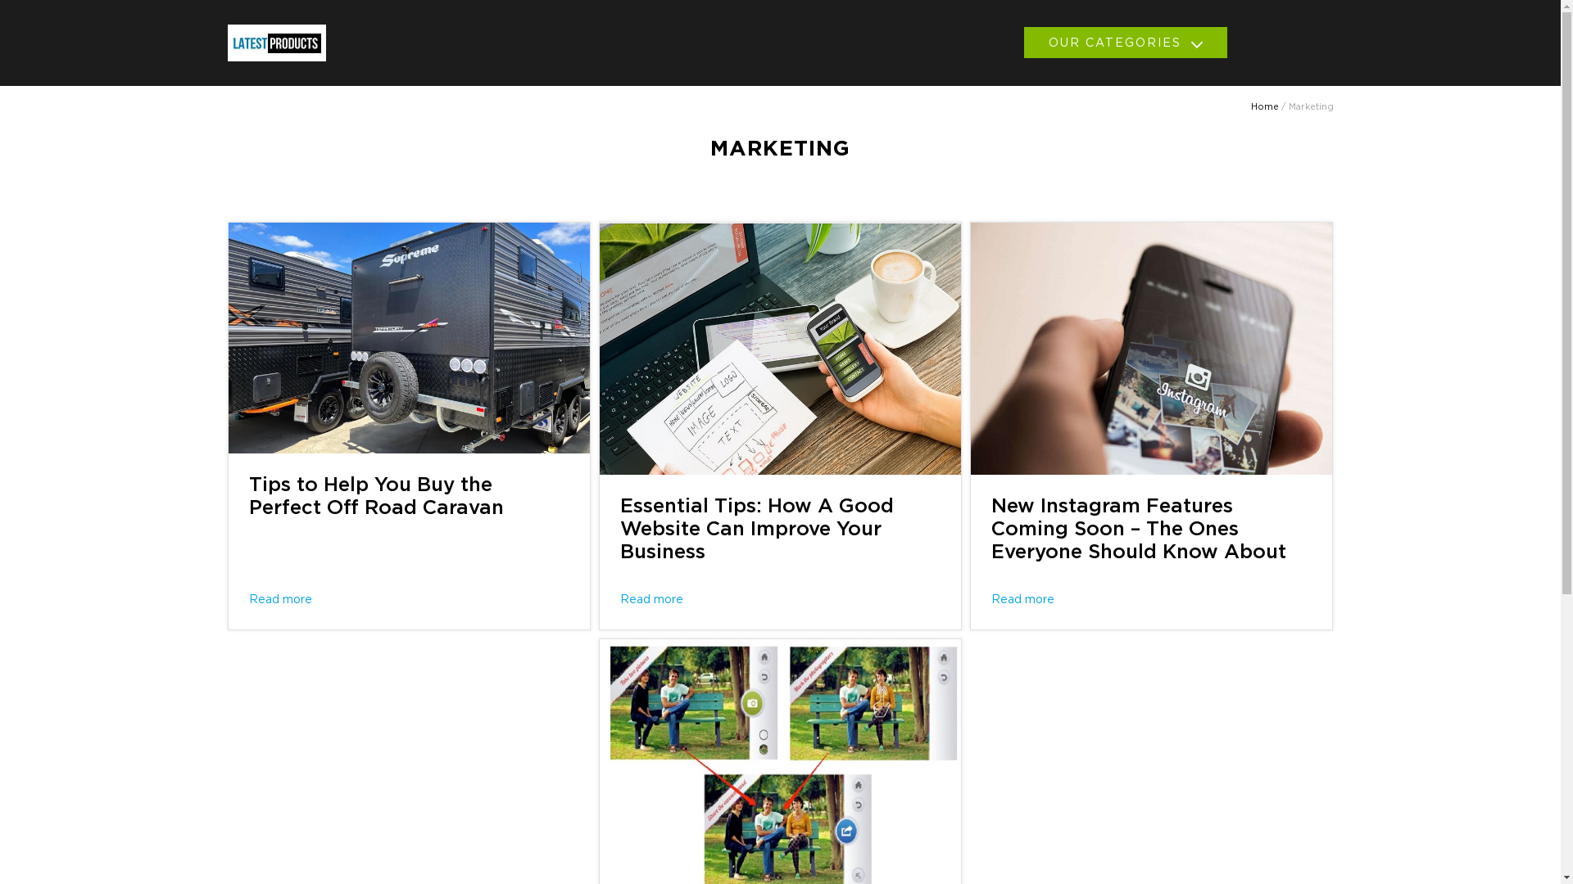  What do you see at coordinates (1124, 41) in the screenshot?
I see `'OUR CATEGORIES'` at bounding box center [1124, 41].